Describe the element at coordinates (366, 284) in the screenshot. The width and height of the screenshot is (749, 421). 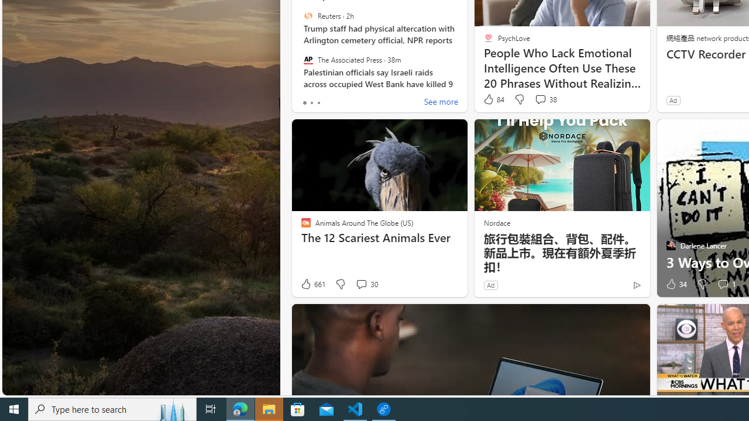
I see `'View comments 30 Comment'` at that location.